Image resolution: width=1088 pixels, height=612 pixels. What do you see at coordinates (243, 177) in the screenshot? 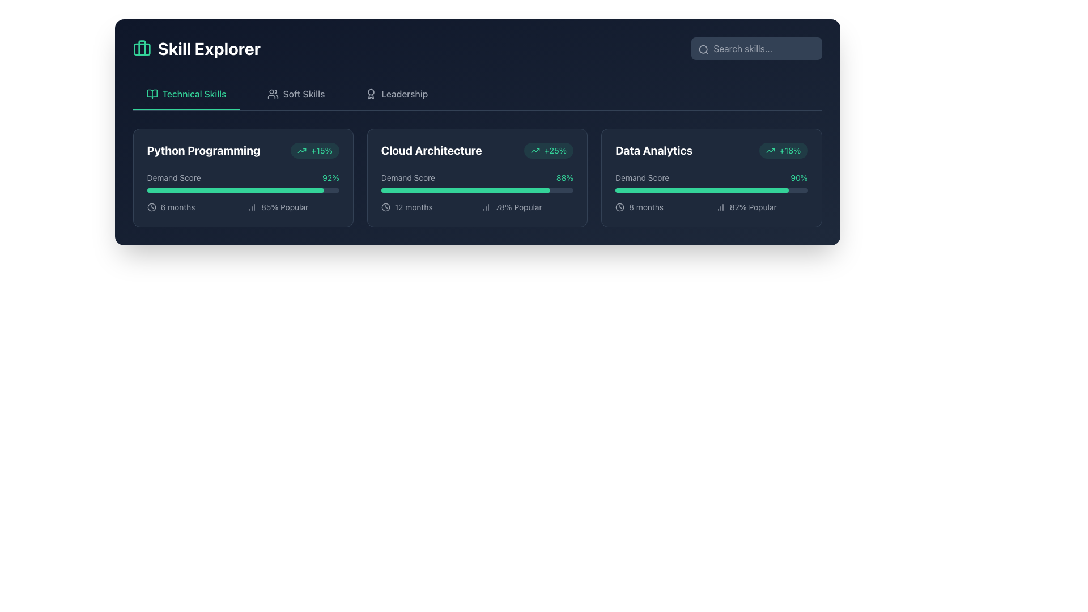
I see `the first card in the horizontal list under the 'Technical Skills' section` at bounding box center [243, 177].